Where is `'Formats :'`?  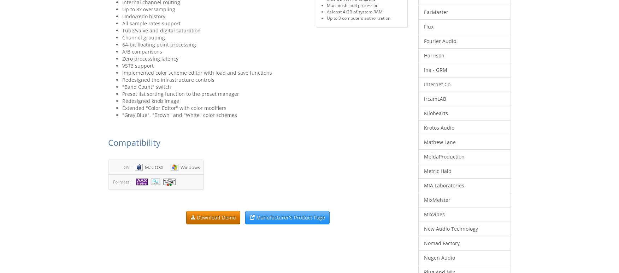 'Formats :' is located at coordinates (122, 181).